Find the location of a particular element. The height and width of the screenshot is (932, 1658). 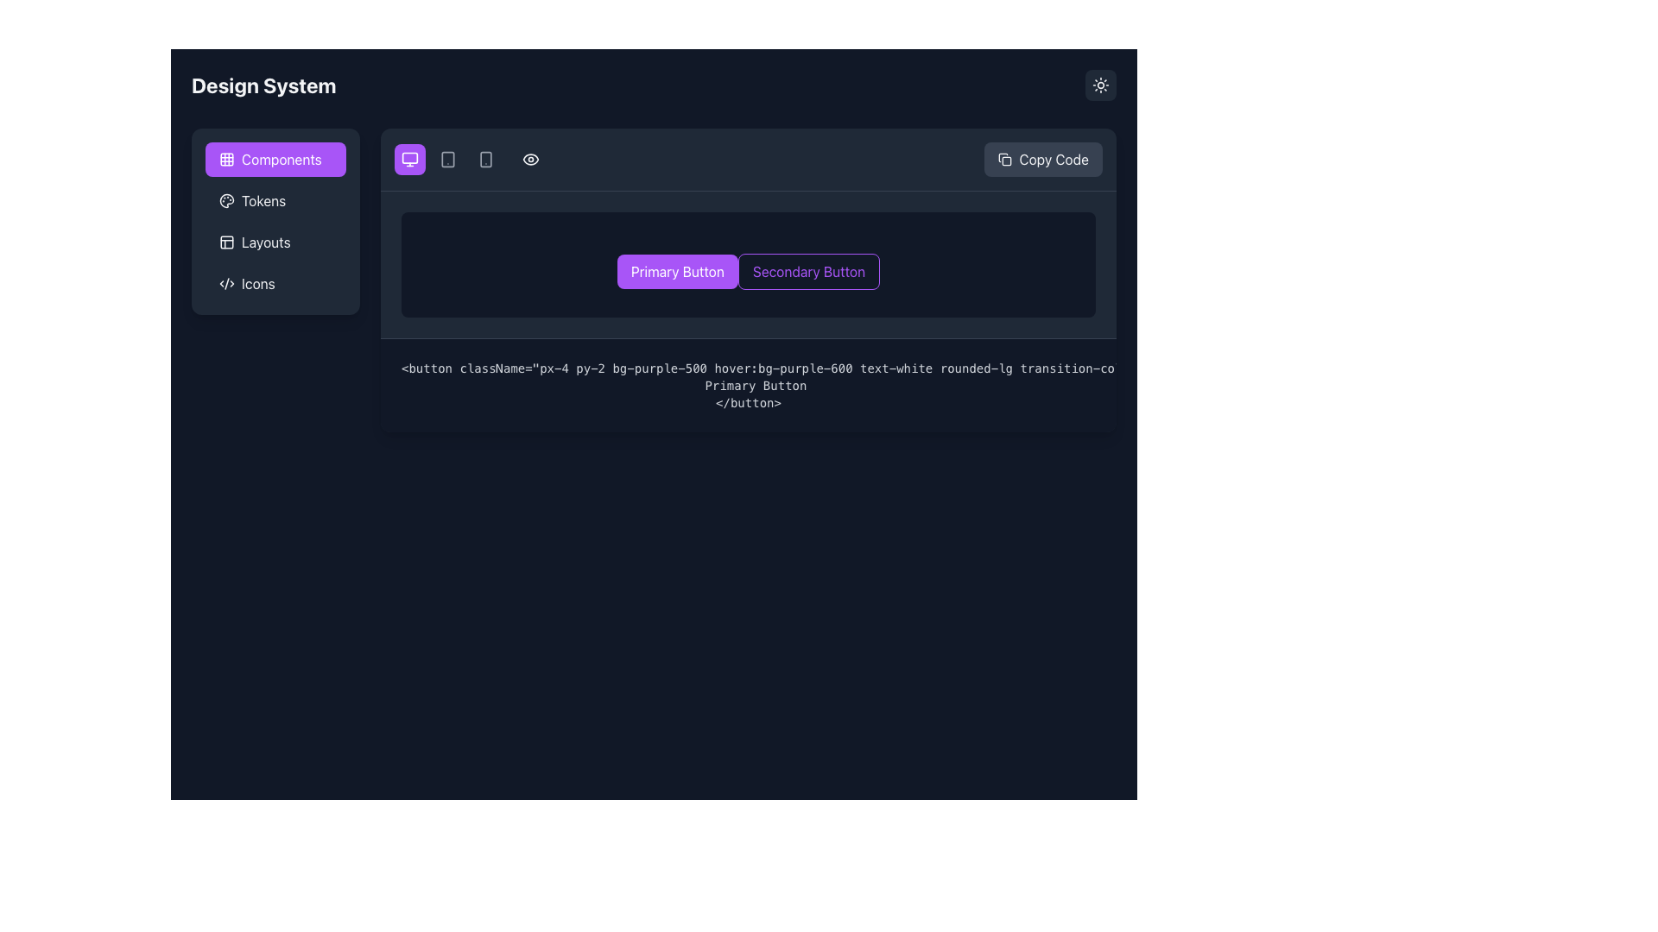

the clickable link or label in the sidebar navigation that allows users to navigate to the Tokens section, located as the second entry below 'Components' and above 'Layouts' is located at coordinates (263, 199).